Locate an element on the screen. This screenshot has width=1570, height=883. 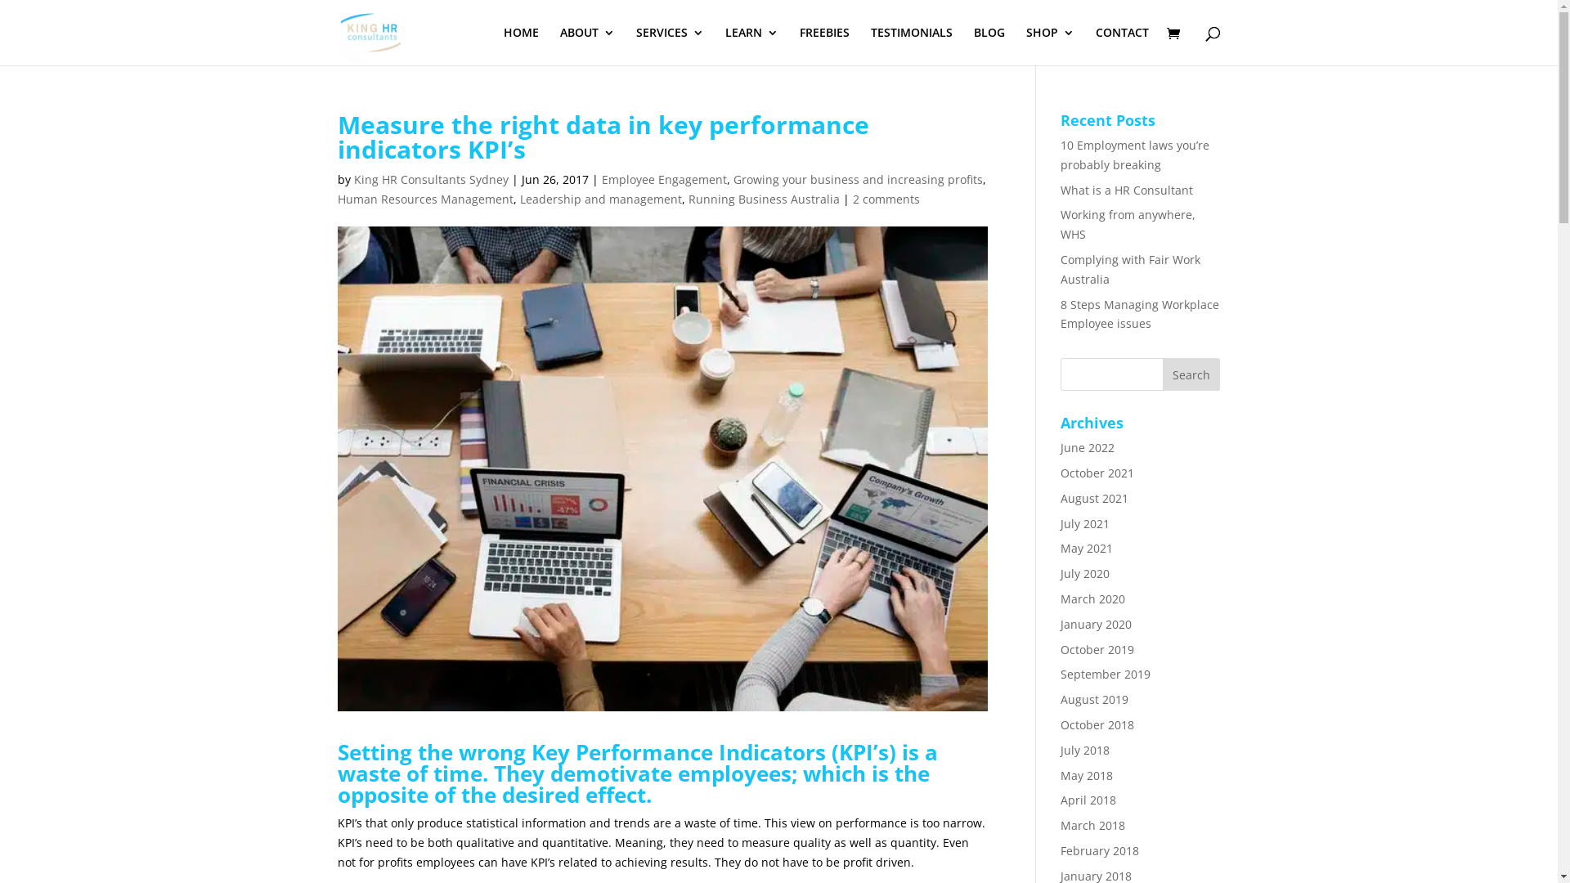
'TESTIMONIALS' is located at coordinates (869, 45).